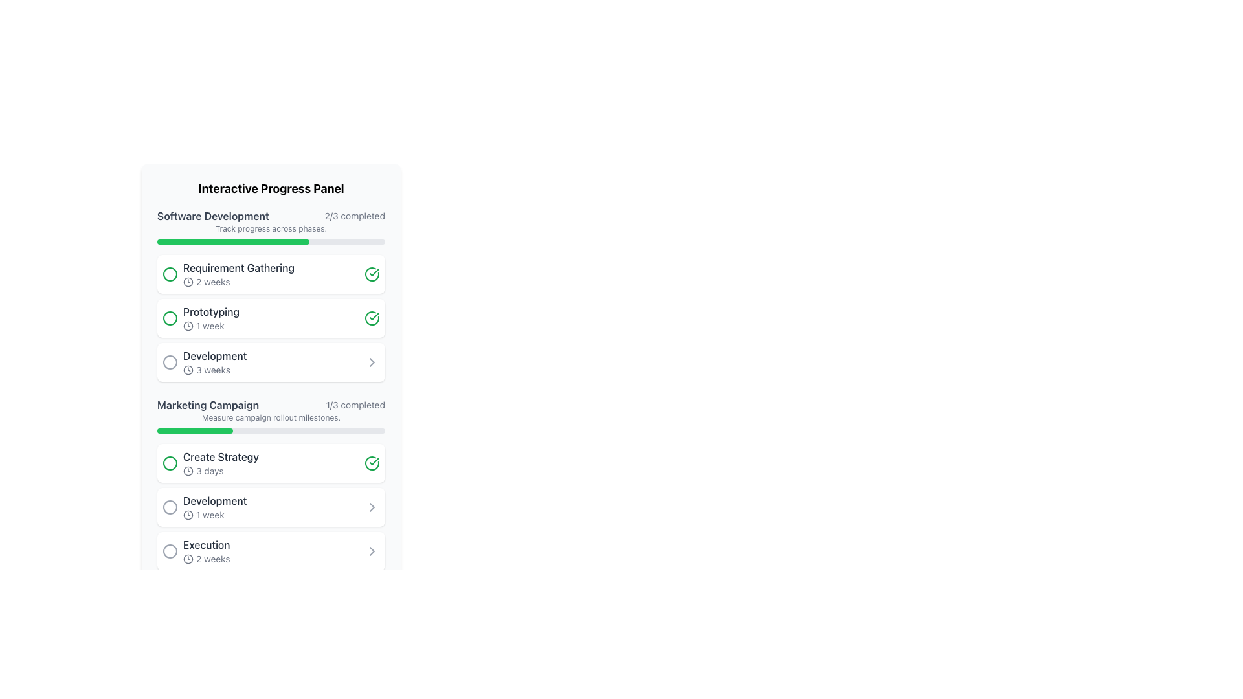  I want to click on the 'Development' button located under the 'Marketing Campaign' section, so click(270, 506).